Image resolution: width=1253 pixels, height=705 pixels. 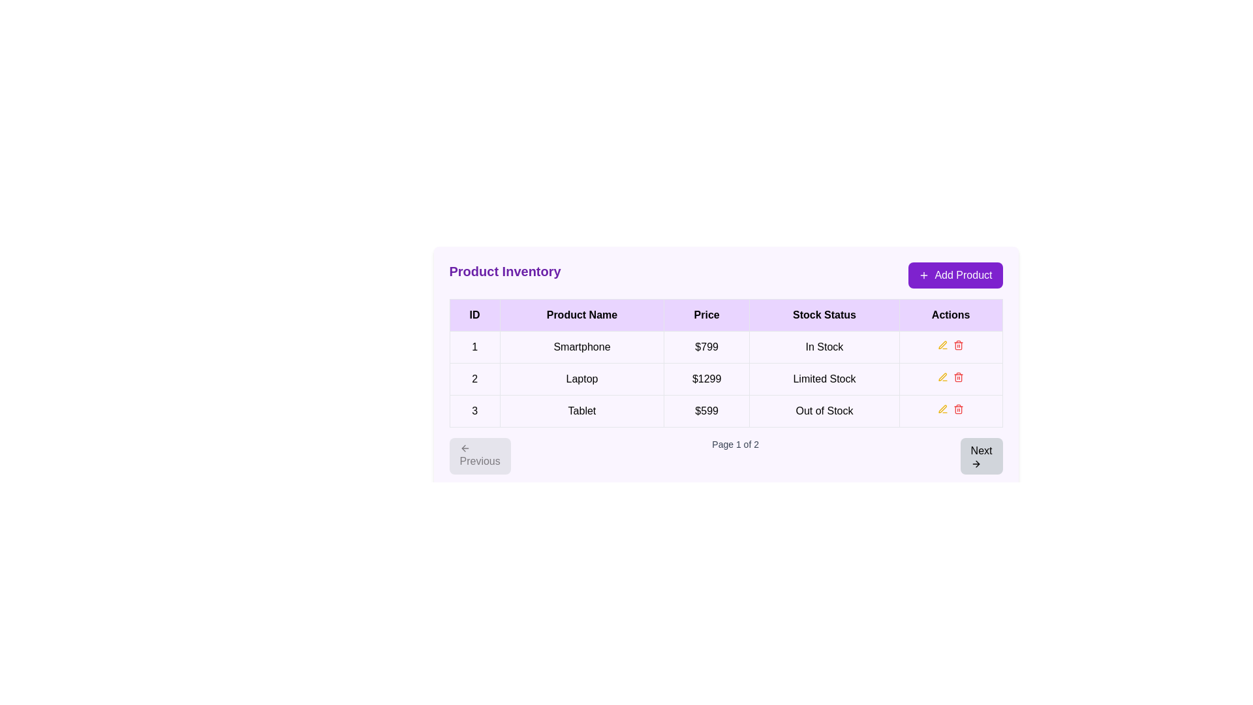 I want to click on the text label displaying '1' which is located in the first item of the leftmost column under the 'ID' header in the table layout, so click(x=474, y=347).